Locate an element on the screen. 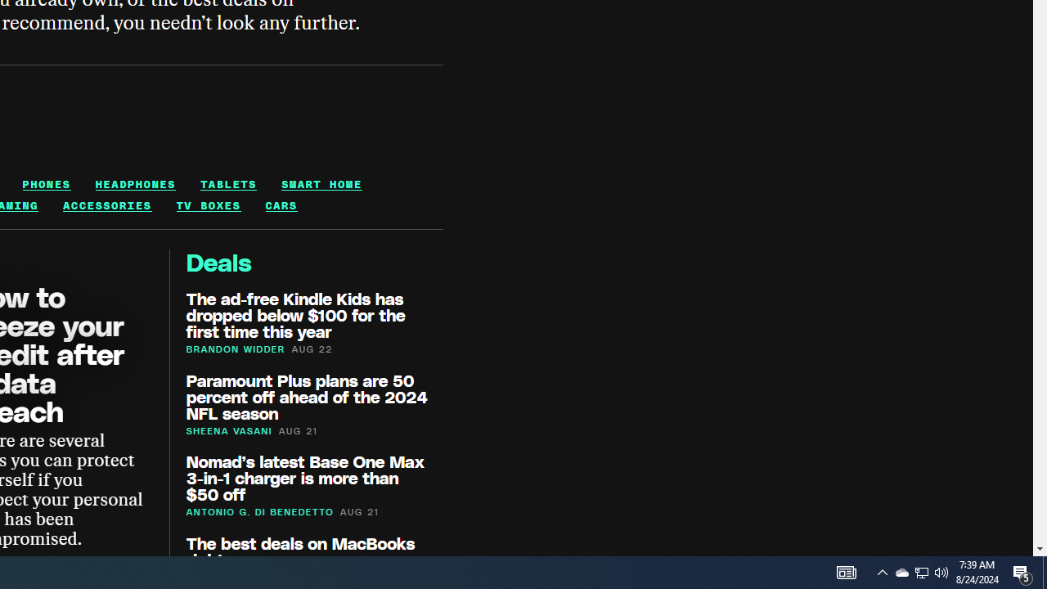  'The best deals on MacBooks right now' is located at coordinates (300, 551).